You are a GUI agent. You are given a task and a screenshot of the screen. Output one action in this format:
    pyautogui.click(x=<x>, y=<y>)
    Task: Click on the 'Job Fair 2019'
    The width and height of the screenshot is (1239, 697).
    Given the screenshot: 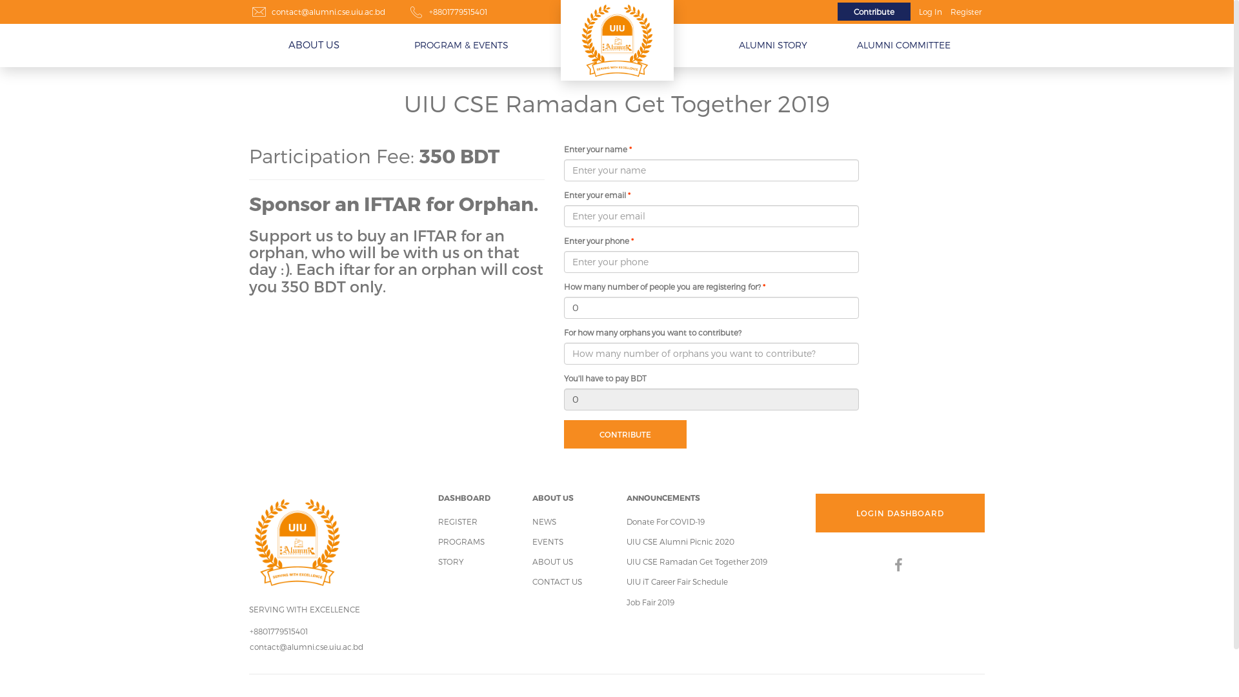 What is the action you would take?
    pyautogui.click(x=650, y=602)
    